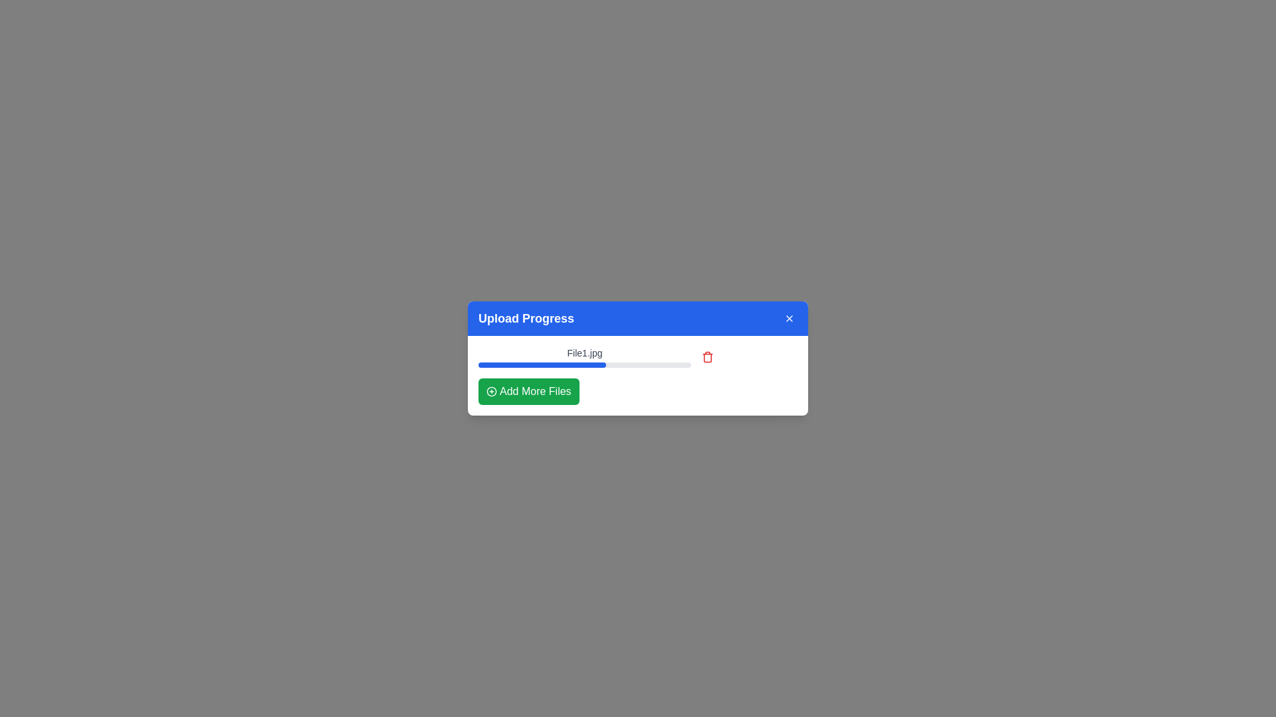 The width and height of the screenshot is (1276, 717). What do you see at coordinates (584, 353) in the screenshot?
I see `the text label displaying the name of the file currently being uploaded` at bounding box center [584, 353].